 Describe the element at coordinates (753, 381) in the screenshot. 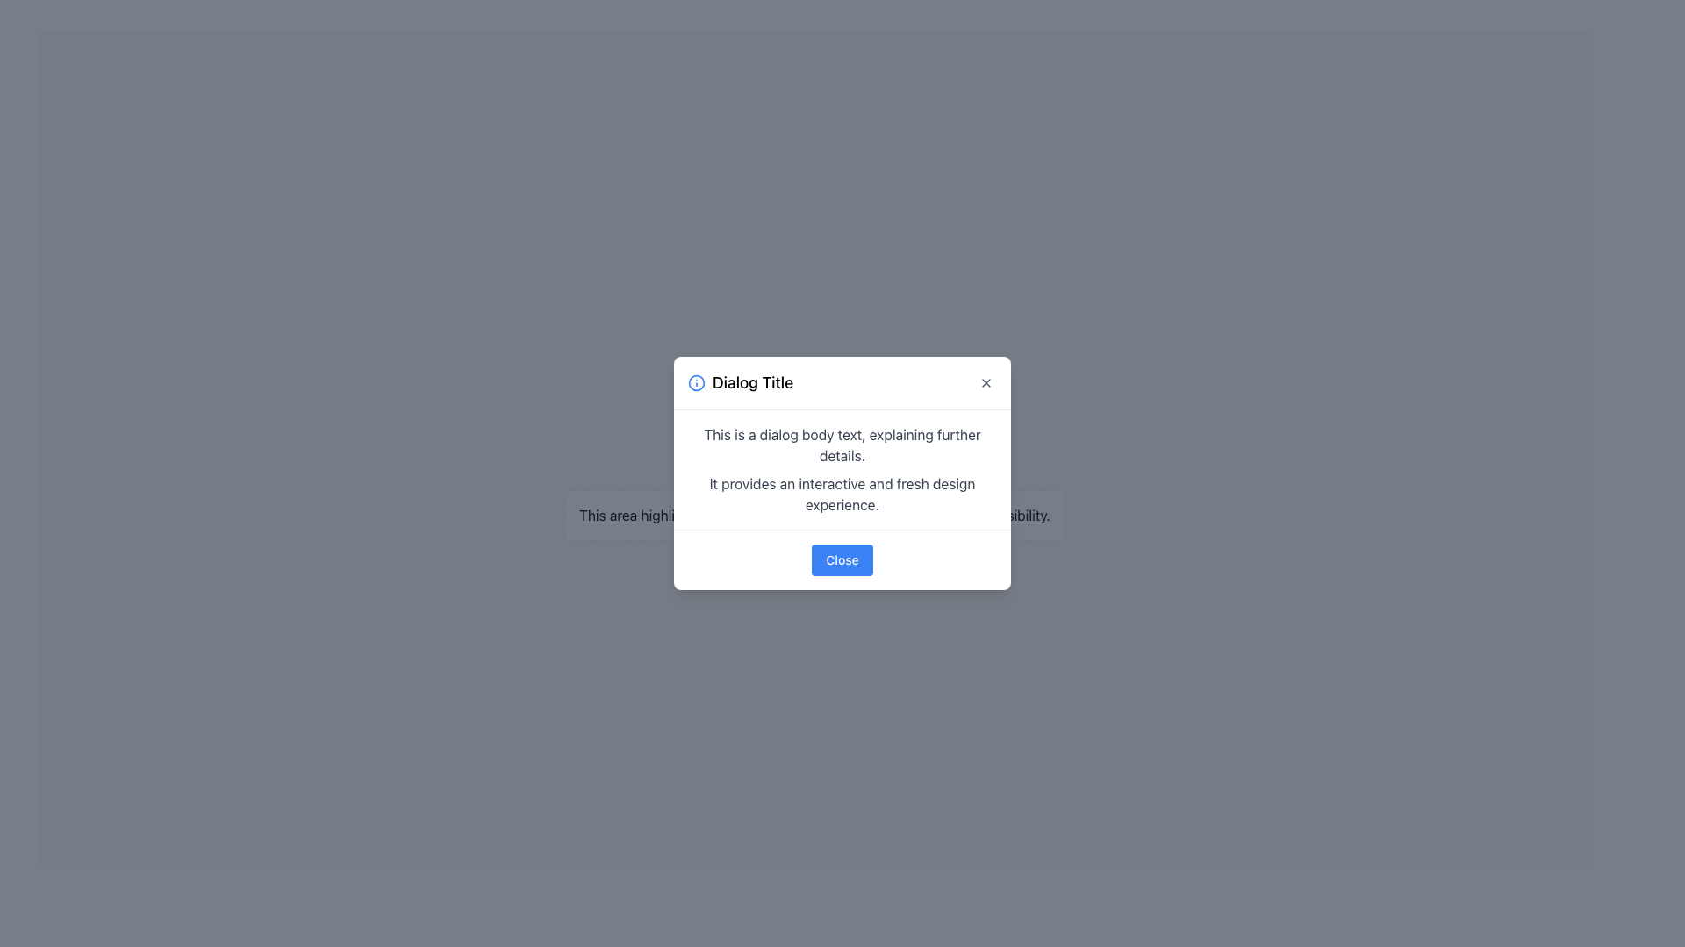

I see `title text displayed in the dialog box header, which is located to the right of a blue information icon` at that location.